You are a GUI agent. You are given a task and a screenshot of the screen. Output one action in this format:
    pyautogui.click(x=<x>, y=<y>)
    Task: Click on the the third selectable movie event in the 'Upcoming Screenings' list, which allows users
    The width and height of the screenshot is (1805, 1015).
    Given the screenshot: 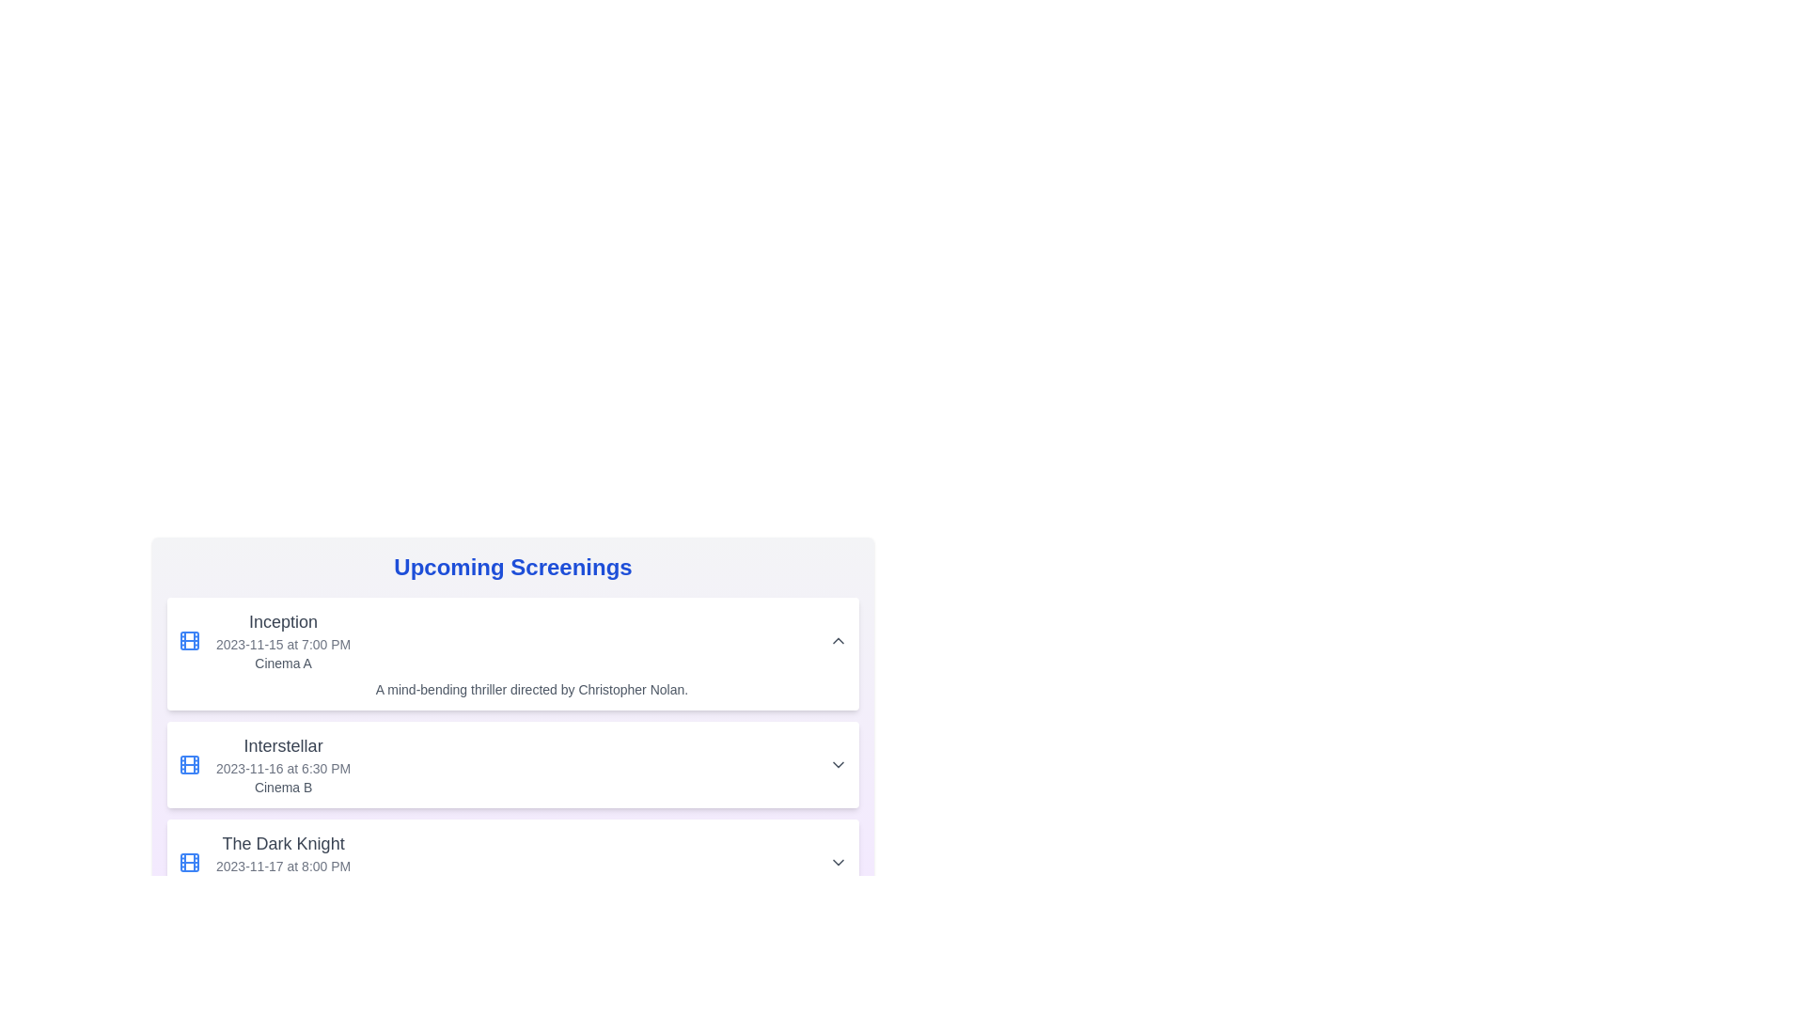 What is the action you would take?
    pyautogui.click(x=513, y=863)
    